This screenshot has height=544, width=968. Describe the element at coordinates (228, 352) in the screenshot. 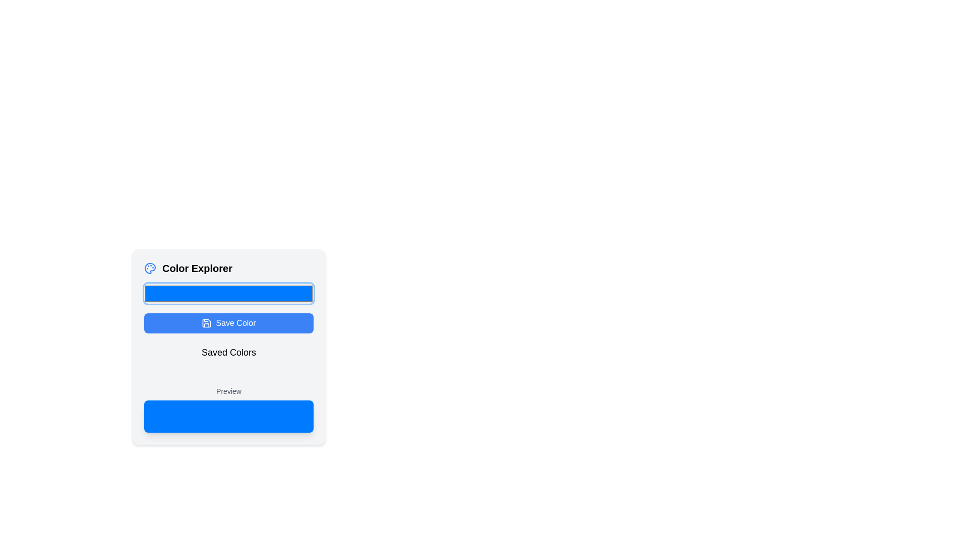

I see `the 'Saved Colors' text label, which is styled in a large font and positioned below the 'Save Color' button` at that location.